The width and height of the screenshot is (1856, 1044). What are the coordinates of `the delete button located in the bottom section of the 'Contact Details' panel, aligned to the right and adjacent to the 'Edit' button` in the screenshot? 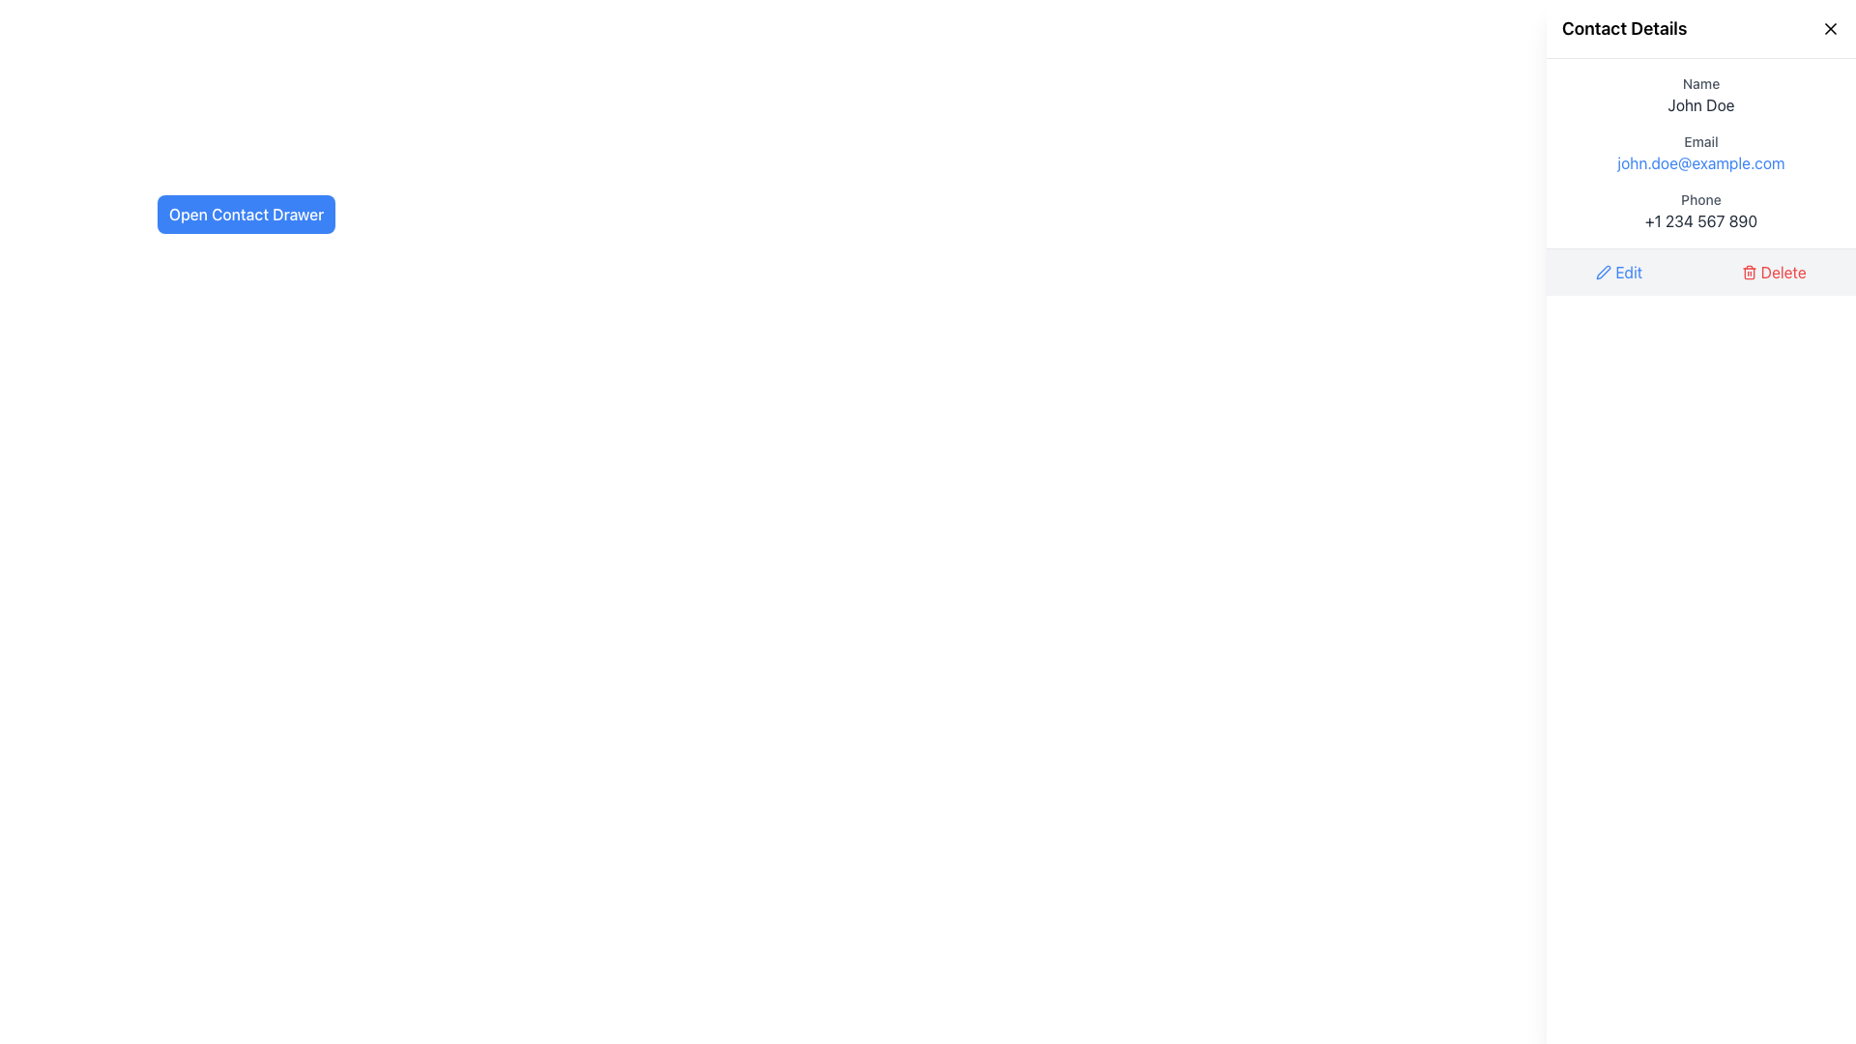 It's located at (1774, 272).